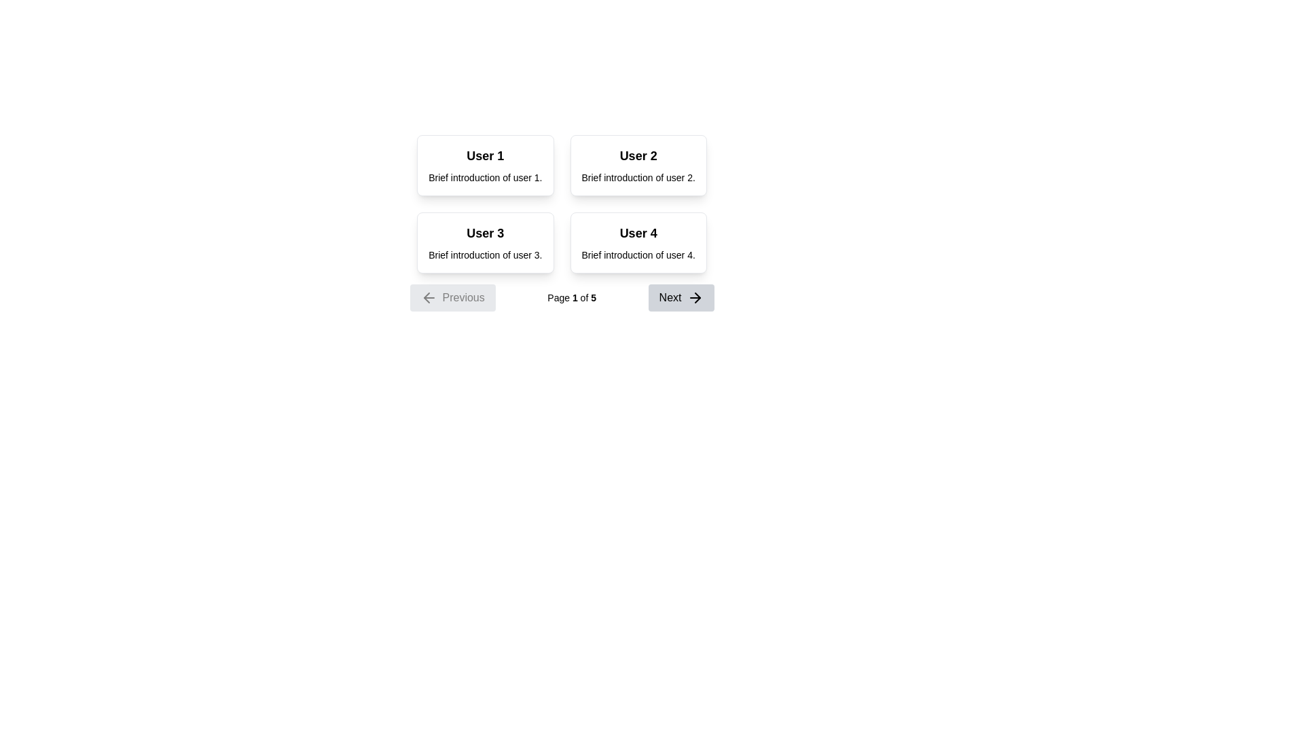 This screenshot has height=733, width=1304. I want to click on the informational card that provides details about 'User 3', located in the bottom row of the grid layout, specifically in the first column, so click(485, 242).